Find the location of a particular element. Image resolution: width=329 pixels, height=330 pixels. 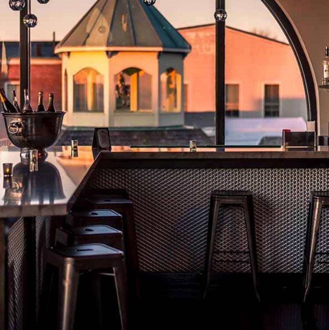

'[/db_pb_accordion]' is located at coordinates (51, 295).